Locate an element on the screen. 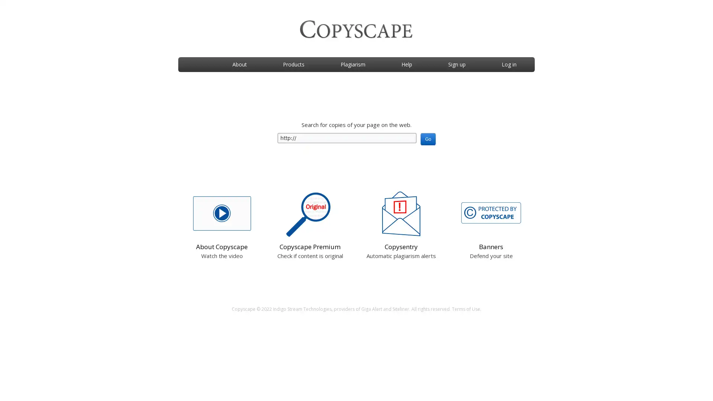  Go is located at coordinates (428, 139).